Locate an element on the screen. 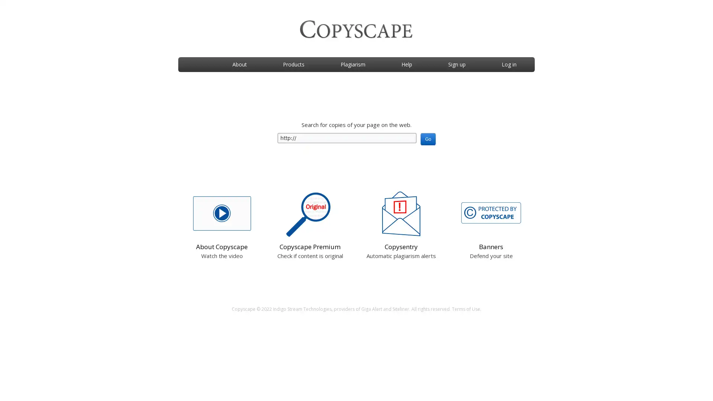  Go is located at coordinates (428, 139).